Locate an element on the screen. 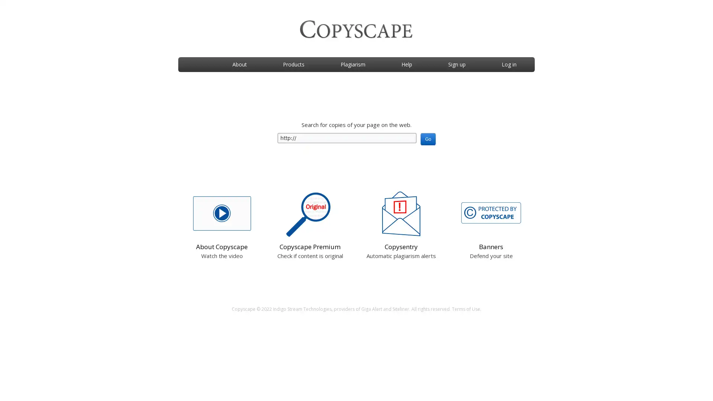  Go is located at coordinates (428, 139).